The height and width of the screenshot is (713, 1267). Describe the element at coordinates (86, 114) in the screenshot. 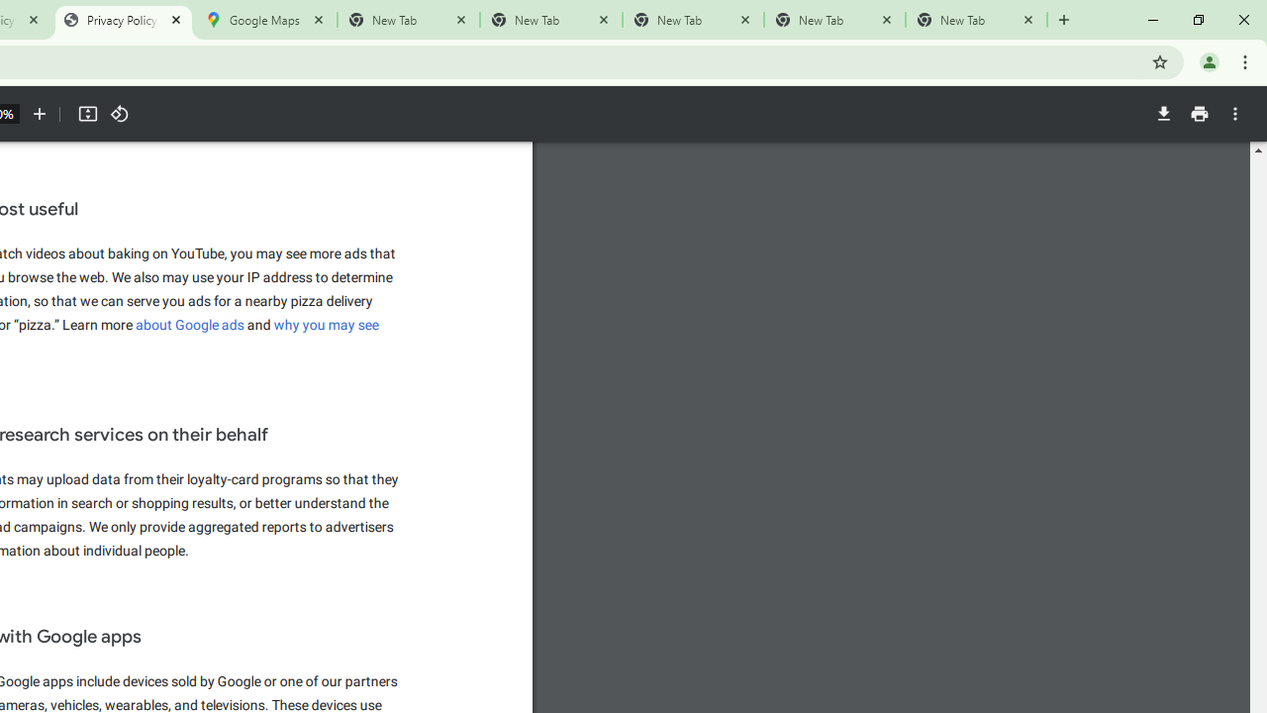

I see `'Fit to page'` at that location.